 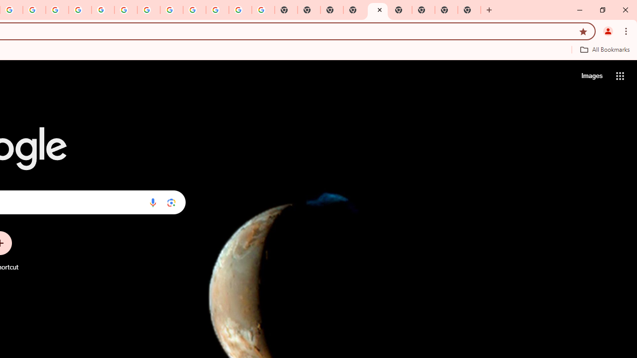 What do you see at coordinates (620, 76) in the screenshot?
I see `'Google apps'` at bounding box center [620, 76].